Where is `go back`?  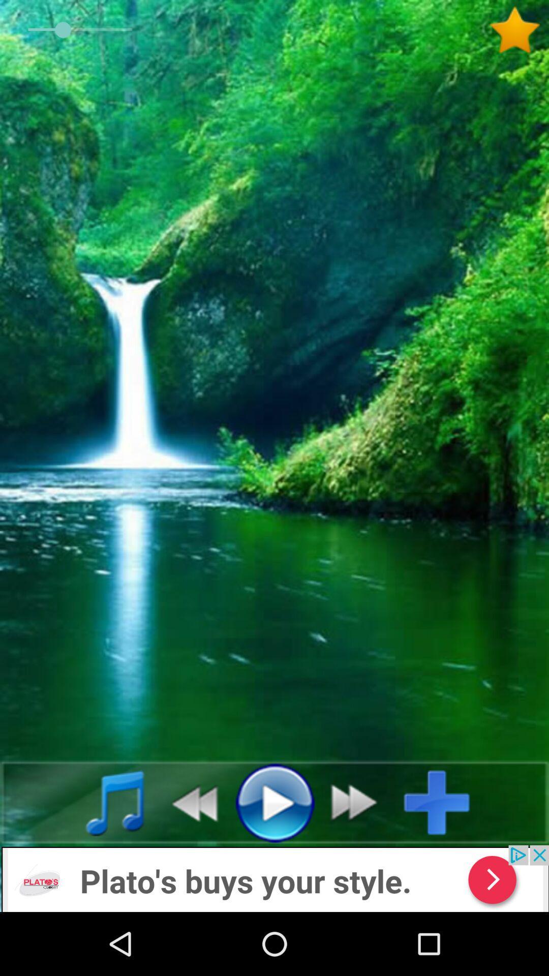 go back is located at coordinates (189, 802).